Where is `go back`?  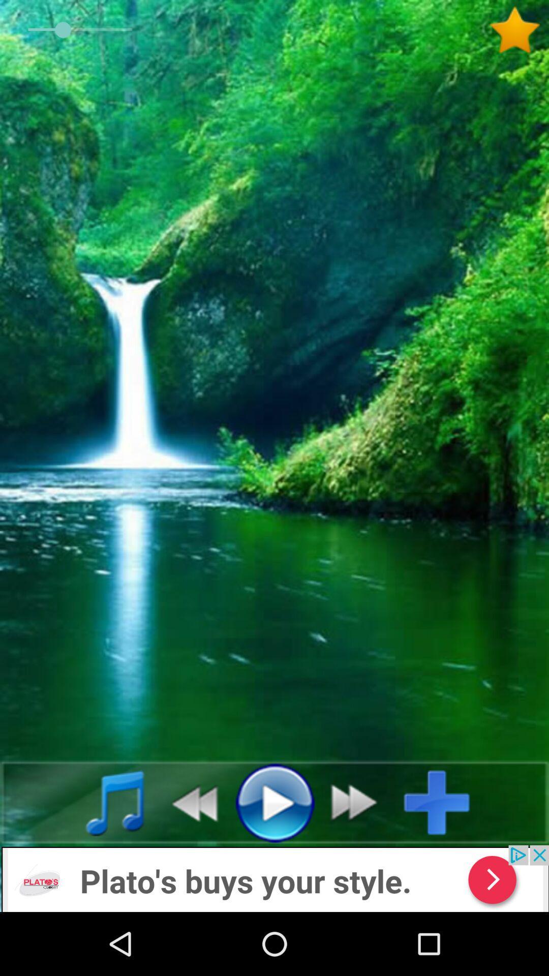 go back is located at coordinates (189, 802).